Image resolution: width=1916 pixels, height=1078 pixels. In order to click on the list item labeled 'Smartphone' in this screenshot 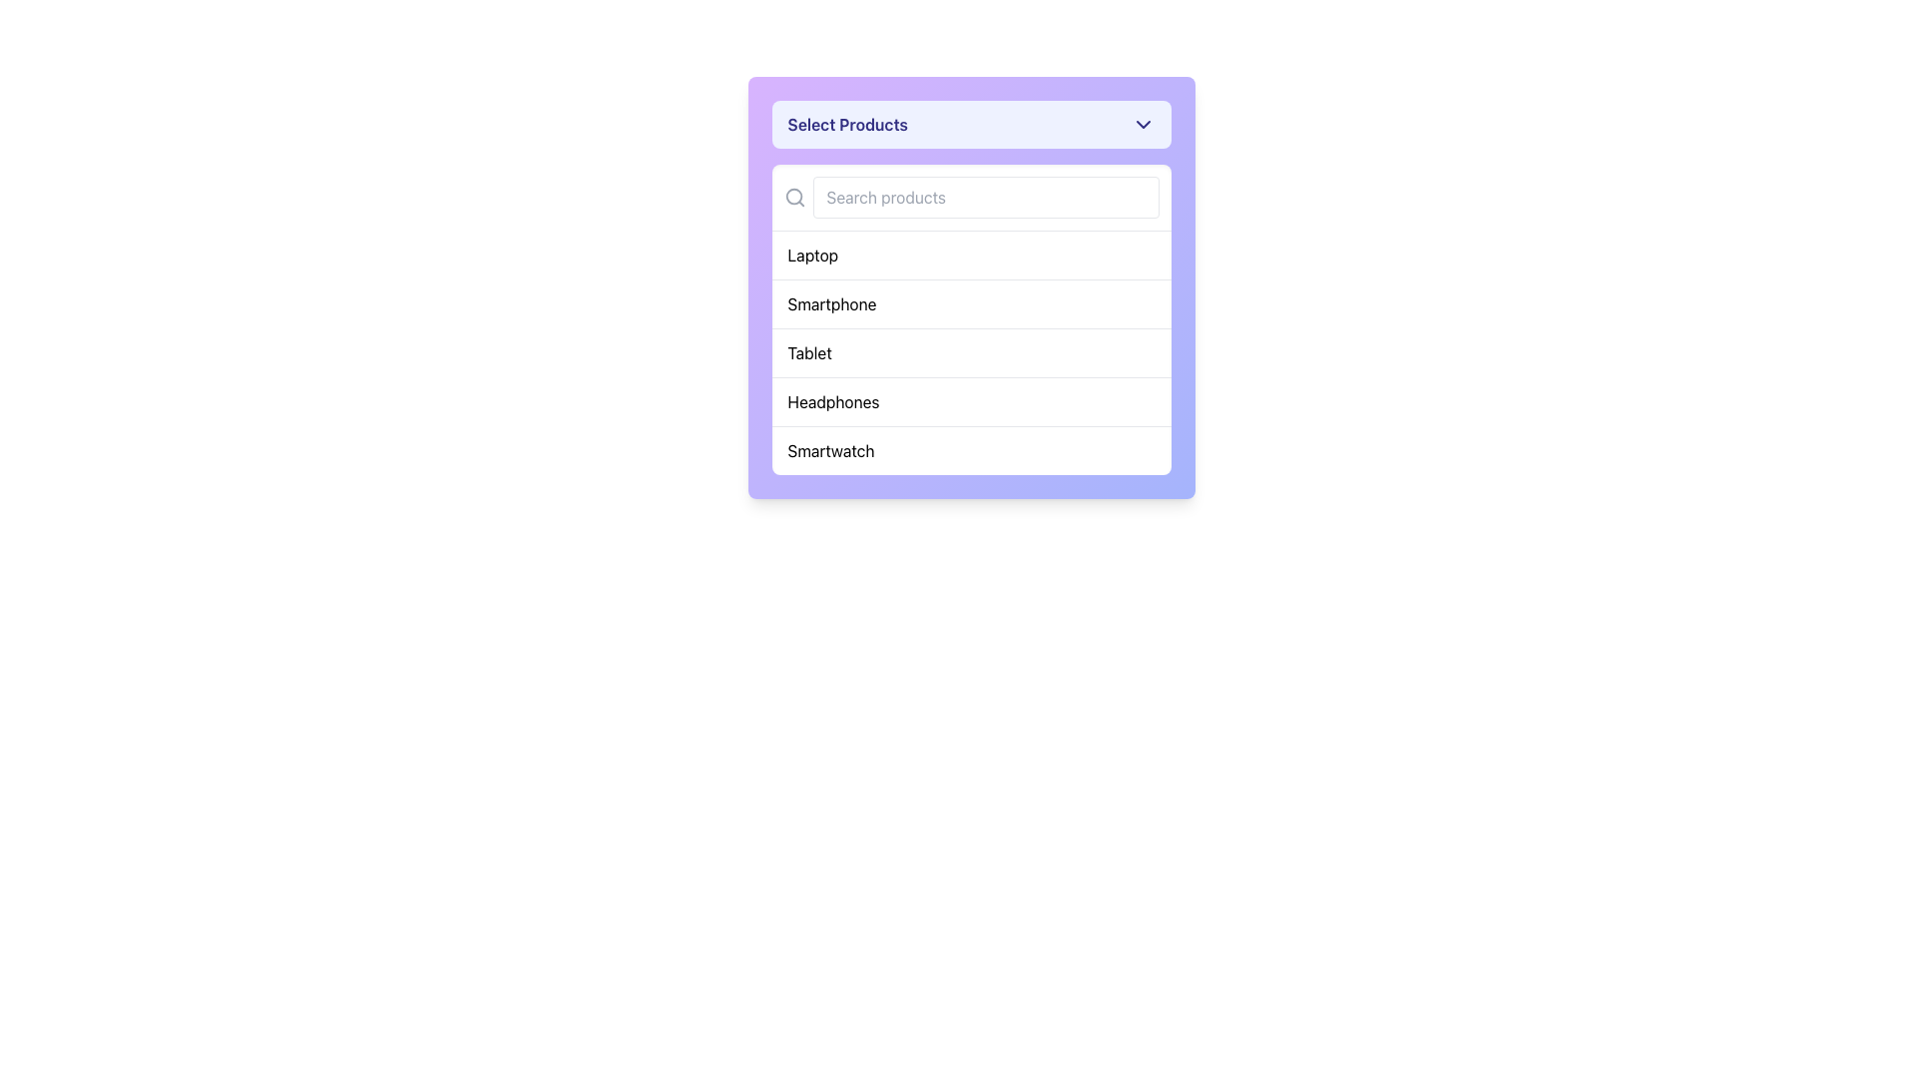, I will do `click(971, 287)`.